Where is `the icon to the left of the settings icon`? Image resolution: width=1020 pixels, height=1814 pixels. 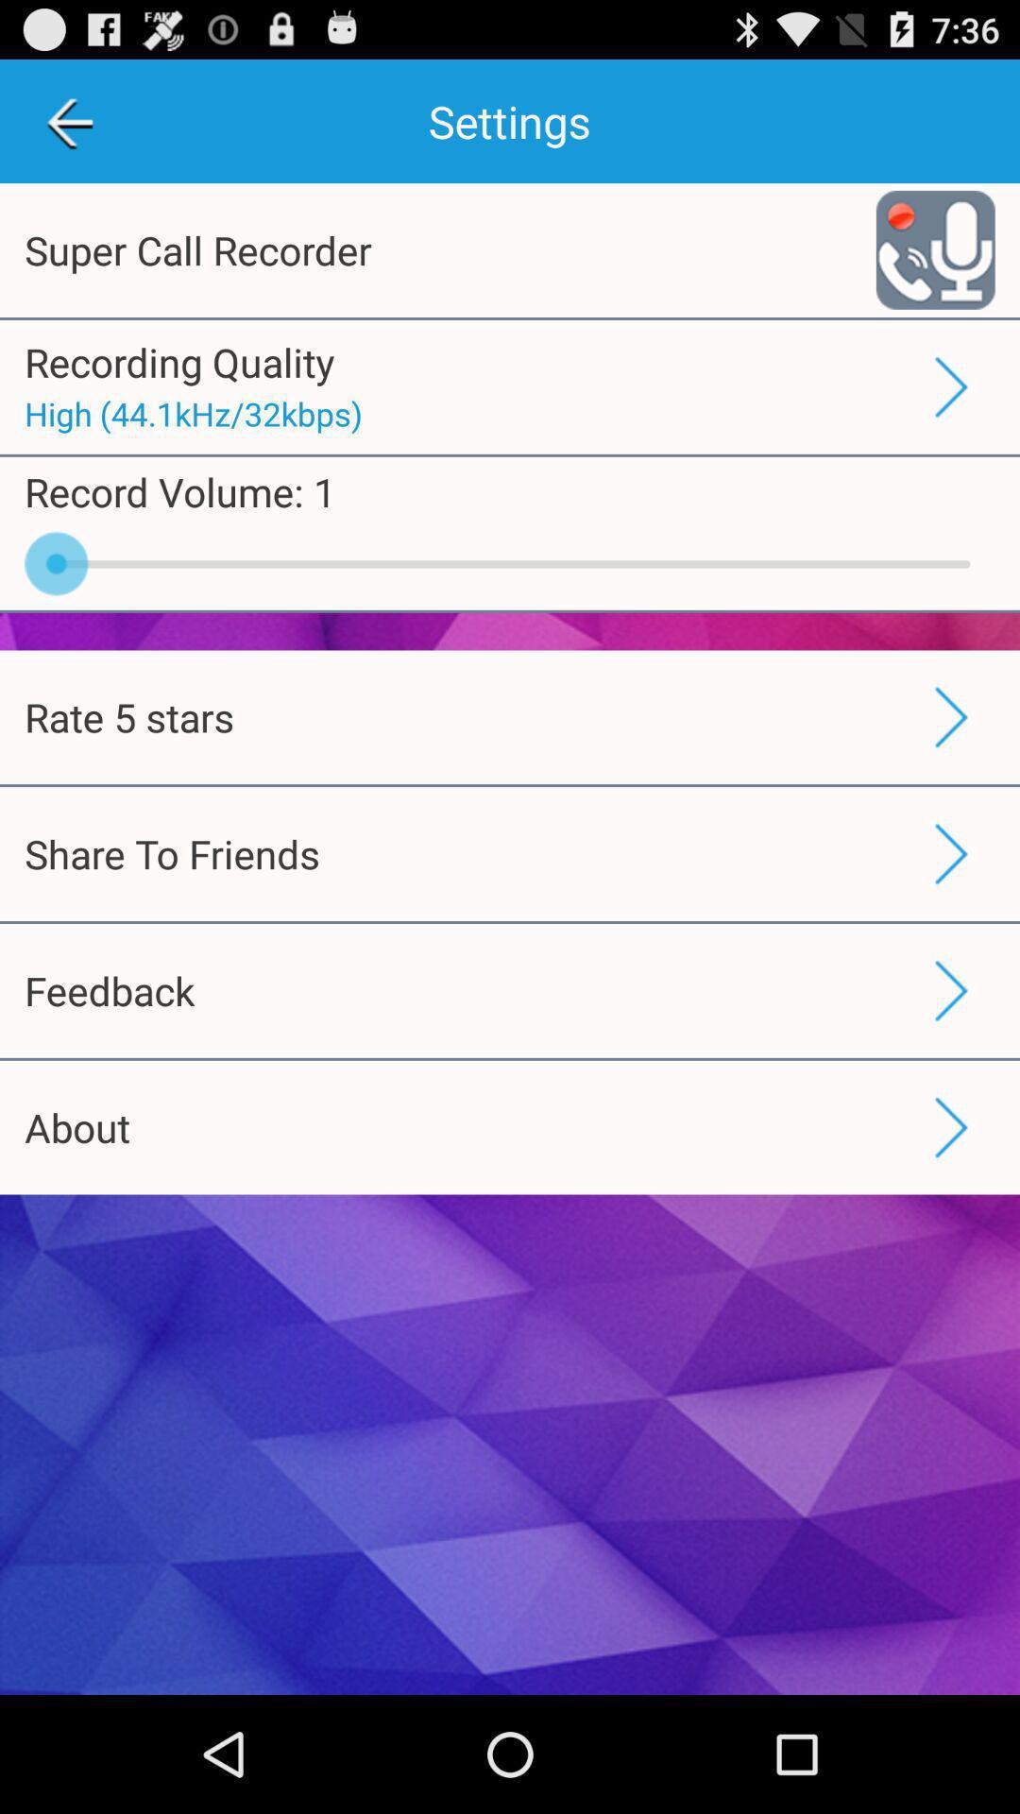
the icon to the left of the settings icon is located at coordinates (68, 120).